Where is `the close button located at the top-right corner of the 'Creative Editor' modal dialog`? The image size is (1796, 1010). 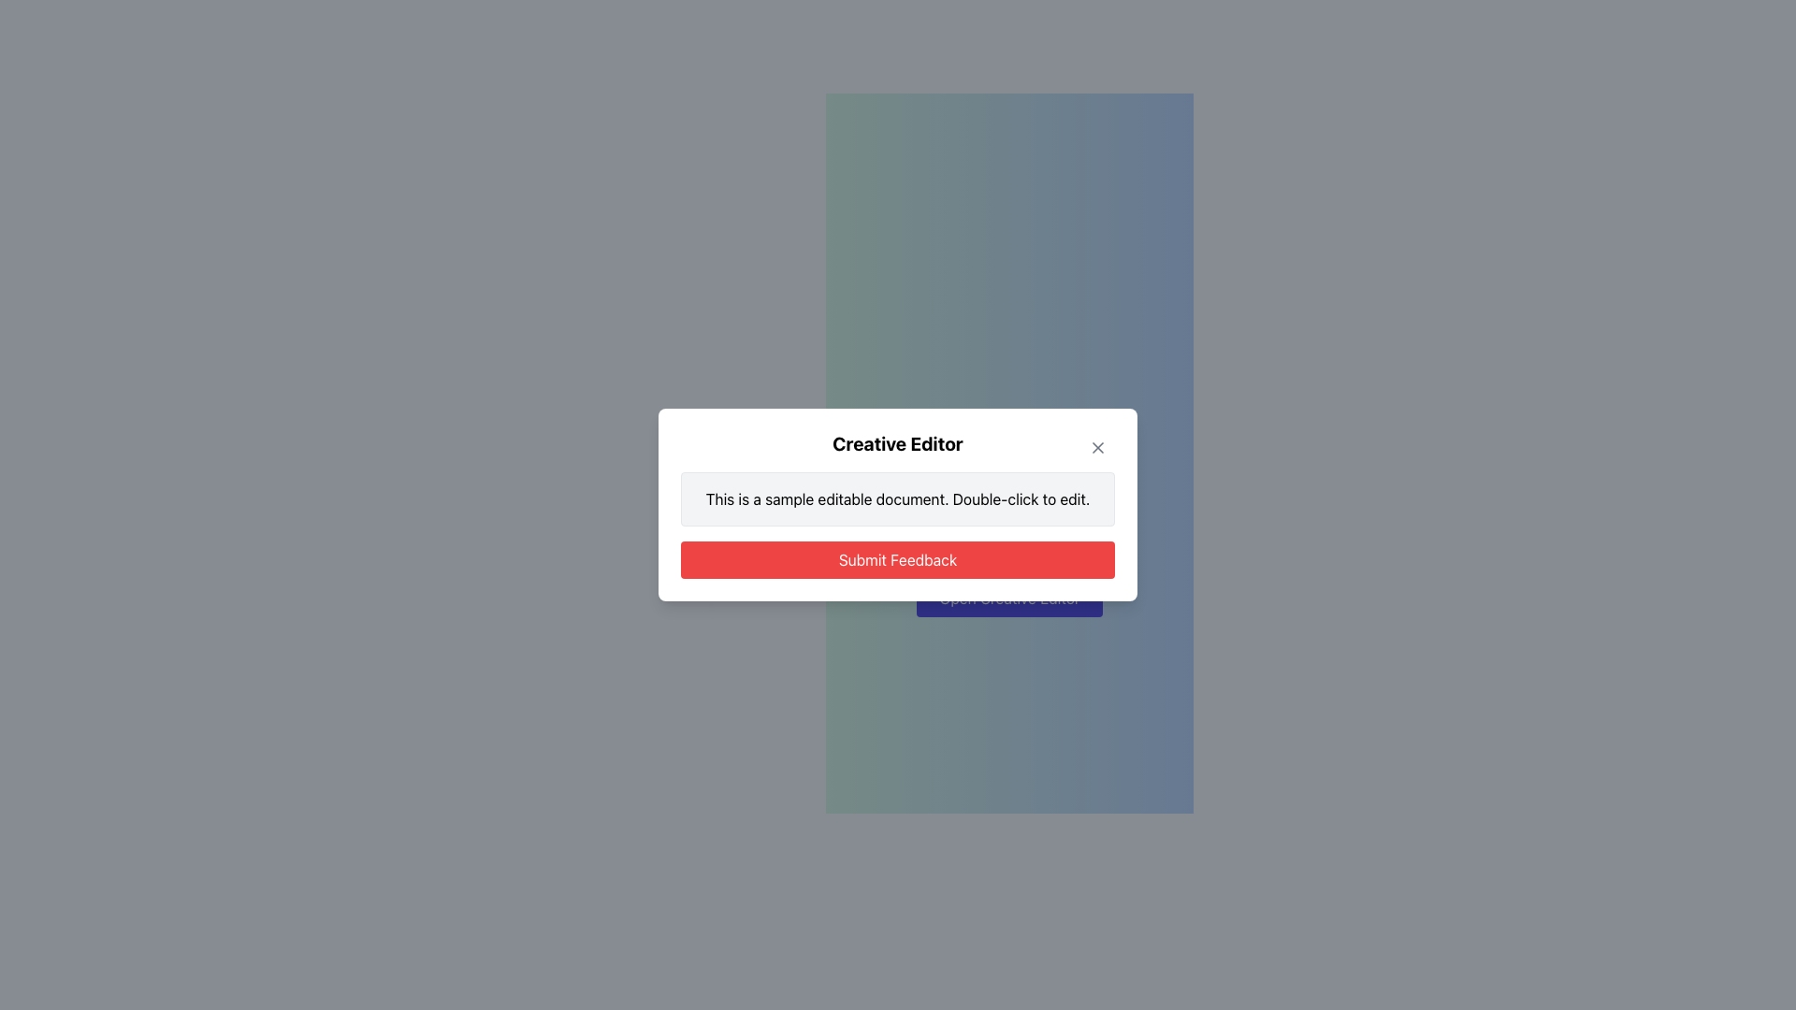 the close button located at the top-right corner of the 'Creative Editor' modal dialog is located at coordinates (1098, 447).